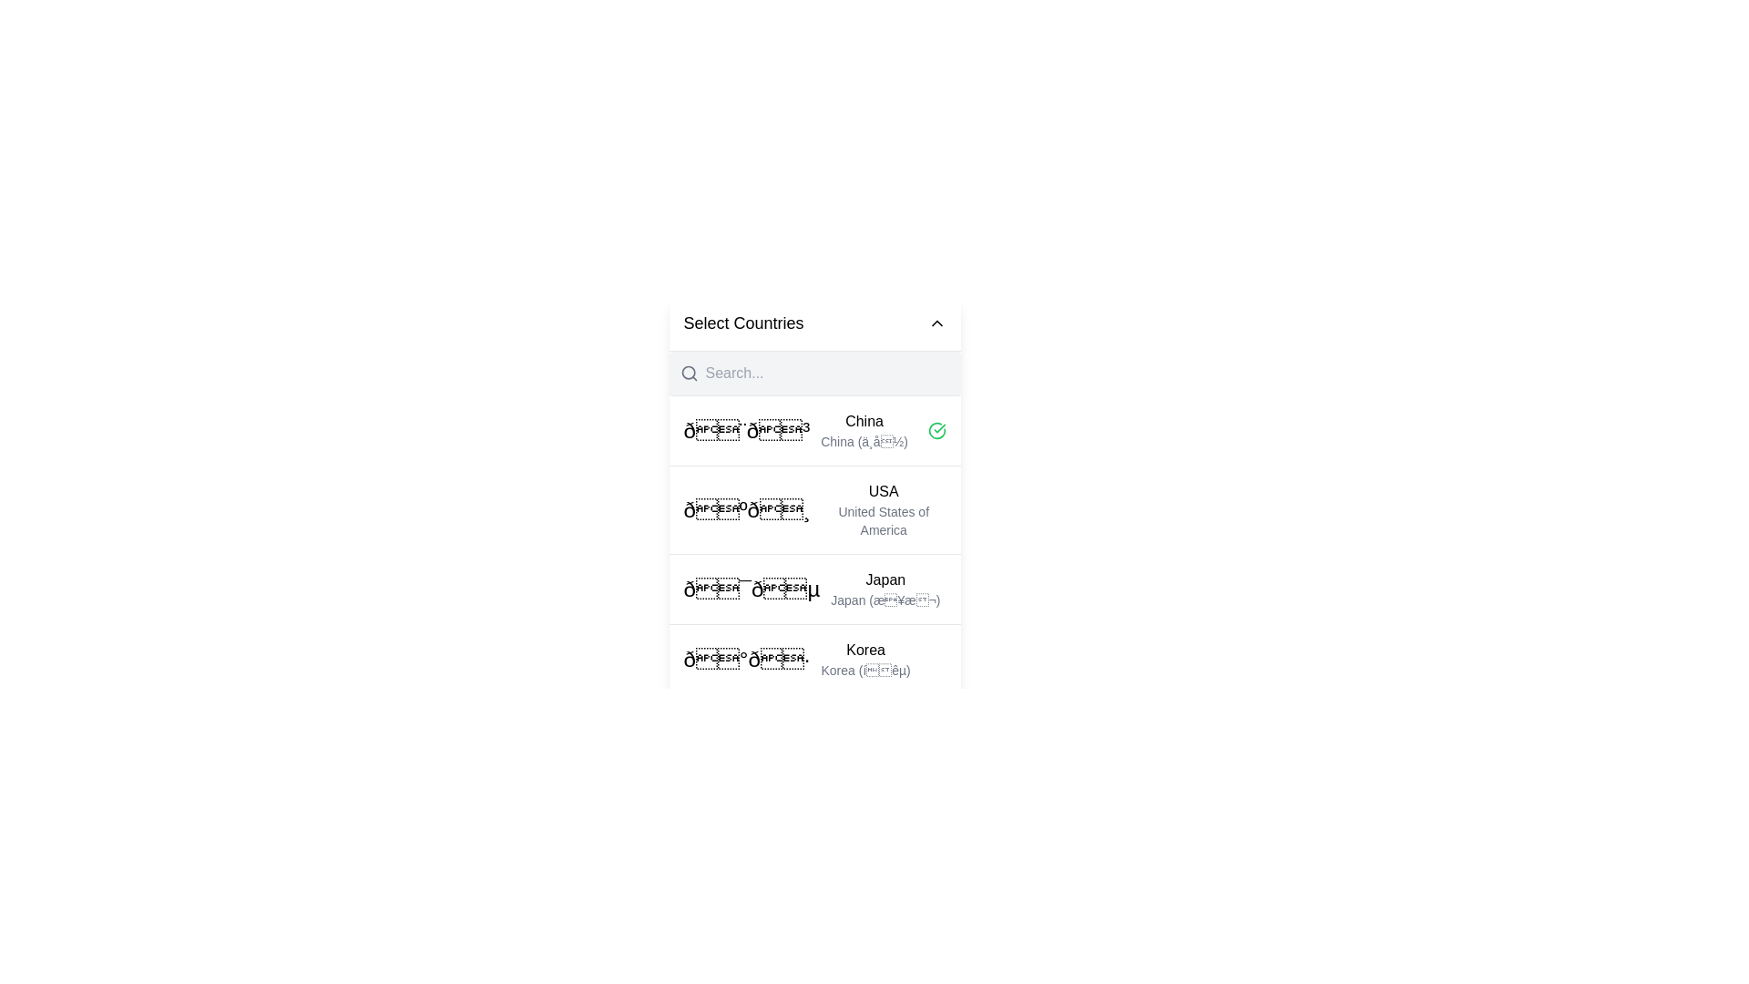  What do you see at coordinates (864, 431) in the screenshot?
I see `the text block displaying the country name 'China' and its description` at bounding box center [864, 431].